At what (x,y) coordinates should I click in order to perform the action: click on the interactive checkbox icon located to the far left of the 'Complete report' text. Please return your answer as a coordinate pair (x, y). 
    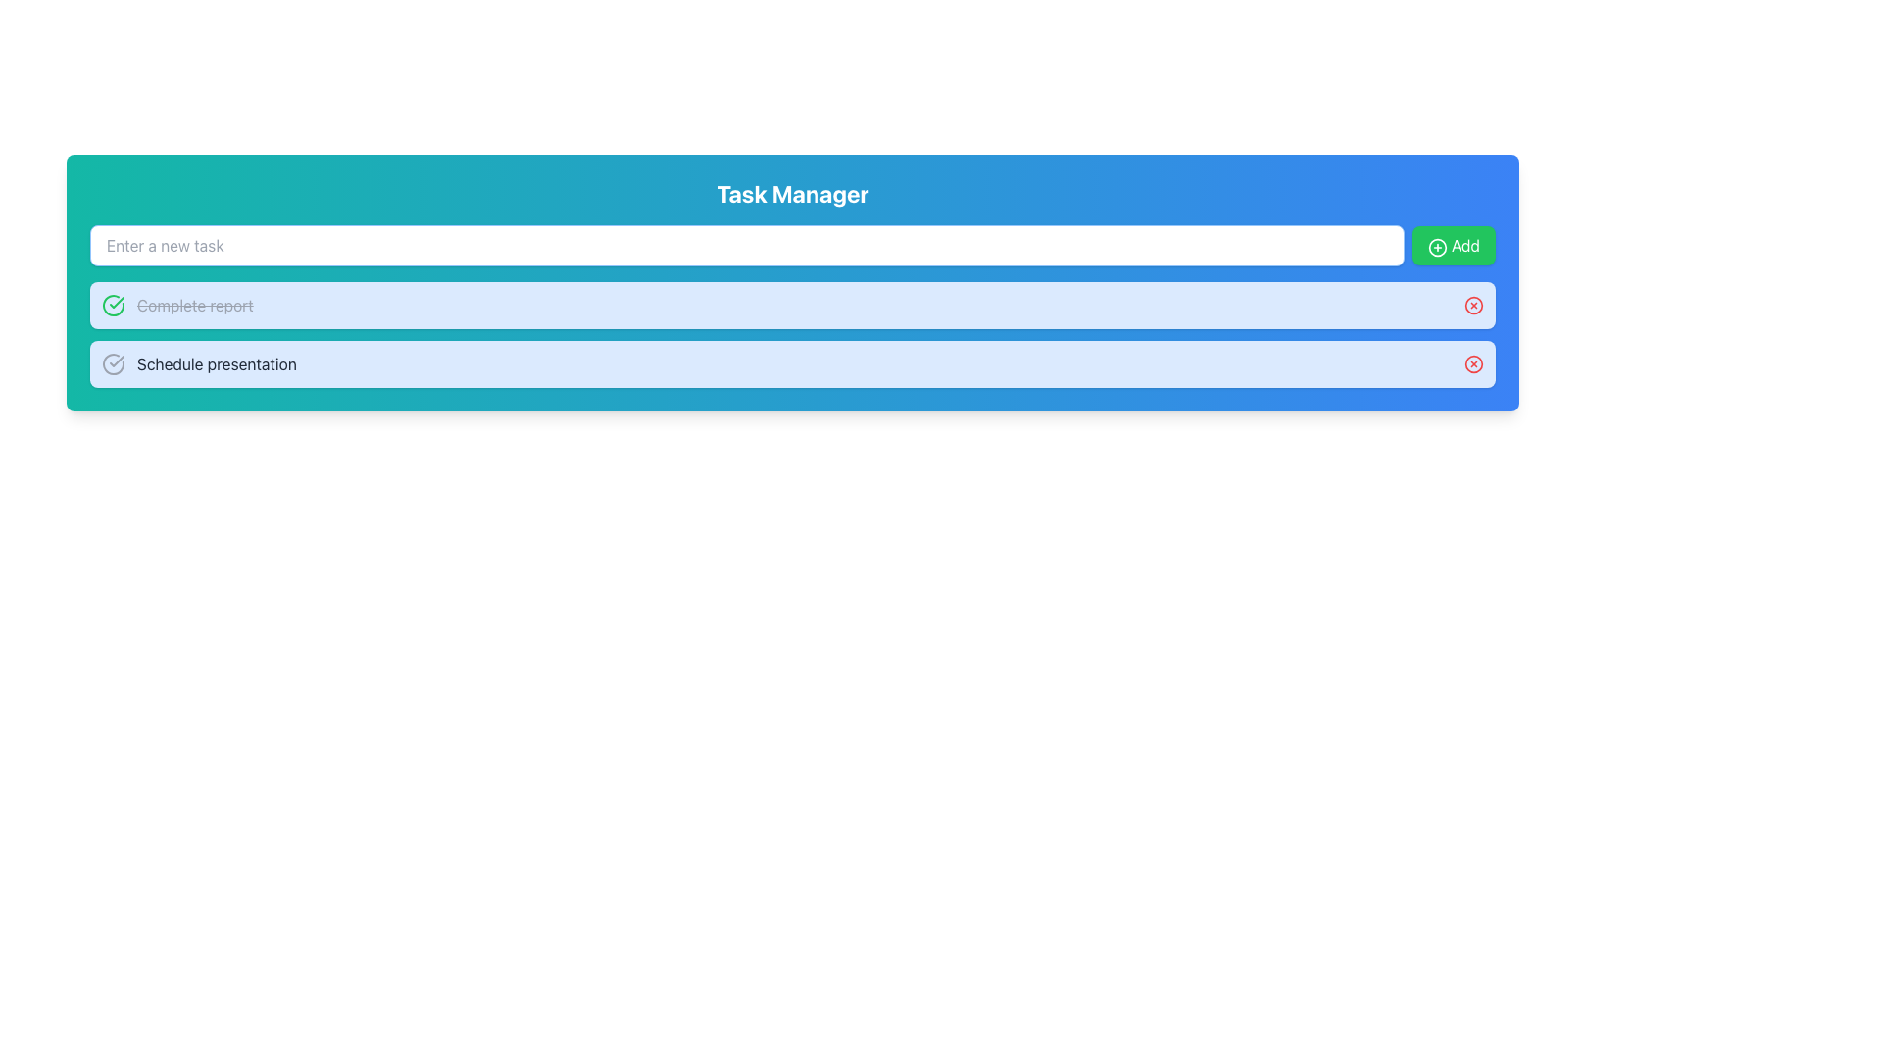
    Looking at the image, I should click on (112, 306).